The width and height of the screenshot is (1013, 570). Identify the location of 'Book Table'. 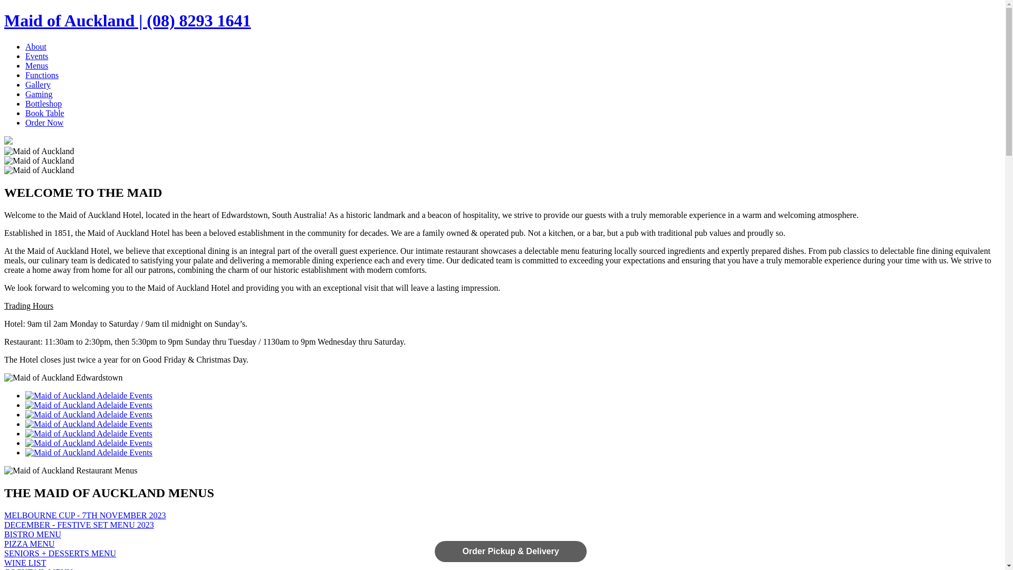
(25, 113).